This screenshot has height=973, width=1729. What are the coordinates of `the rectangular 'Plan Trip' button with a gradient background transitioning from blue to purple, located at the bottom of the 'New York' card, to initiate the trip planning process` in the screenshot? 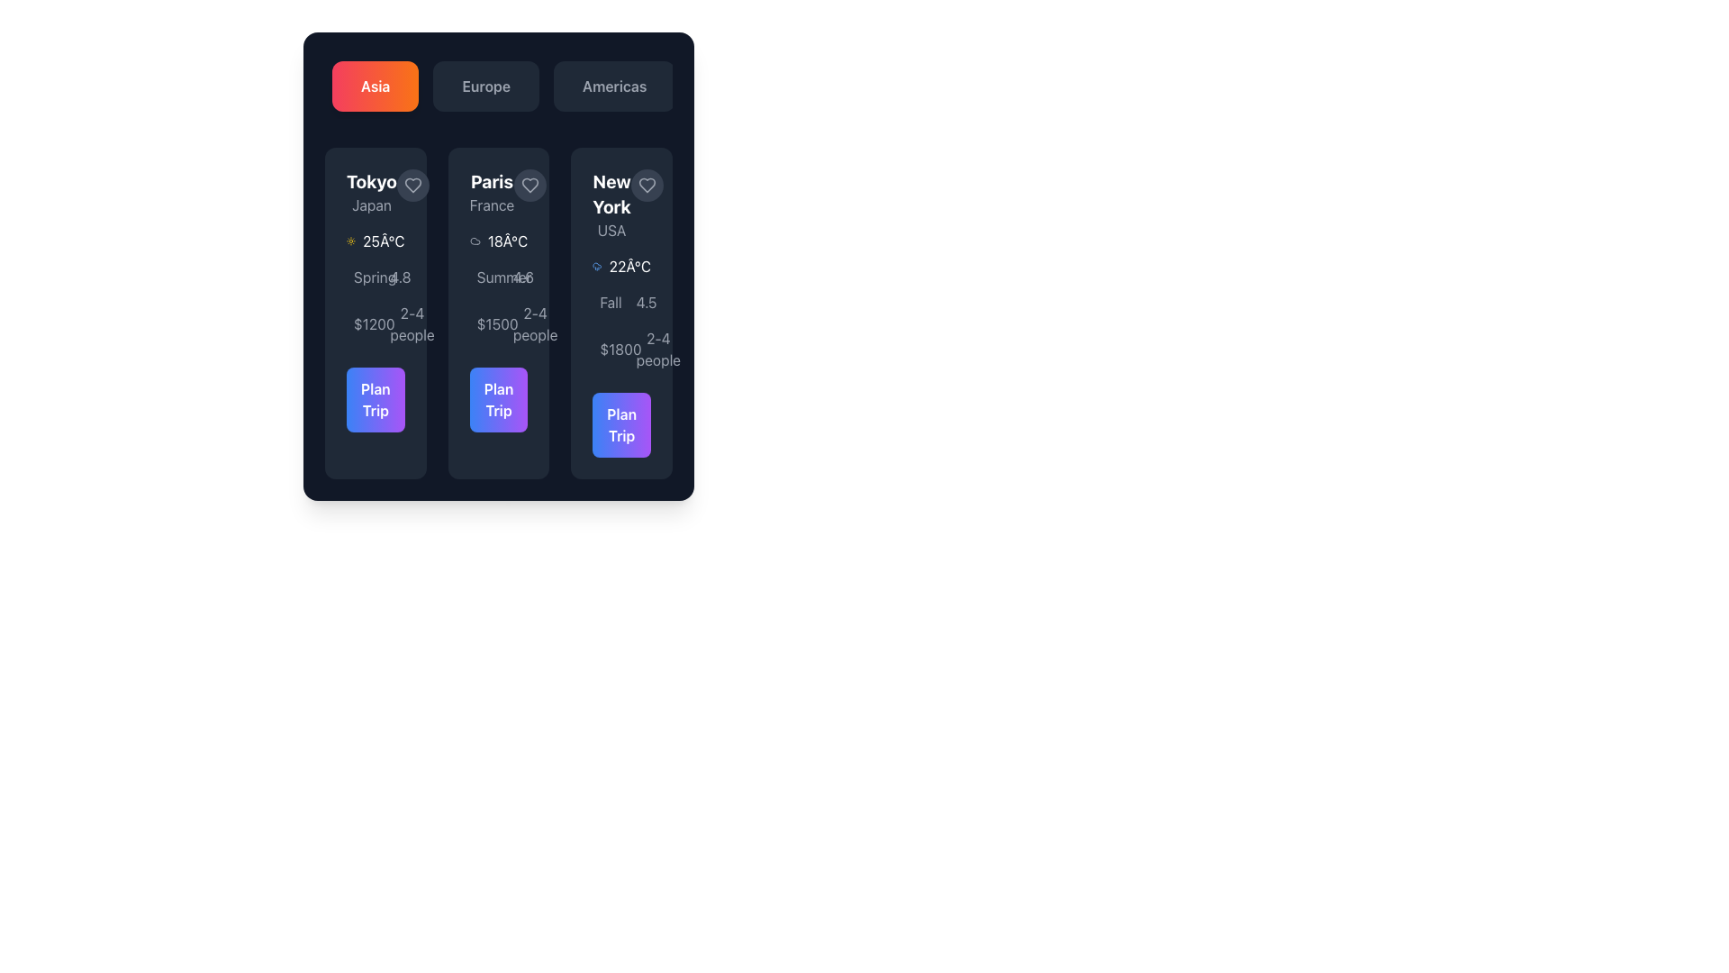 It's located at (621, 424).